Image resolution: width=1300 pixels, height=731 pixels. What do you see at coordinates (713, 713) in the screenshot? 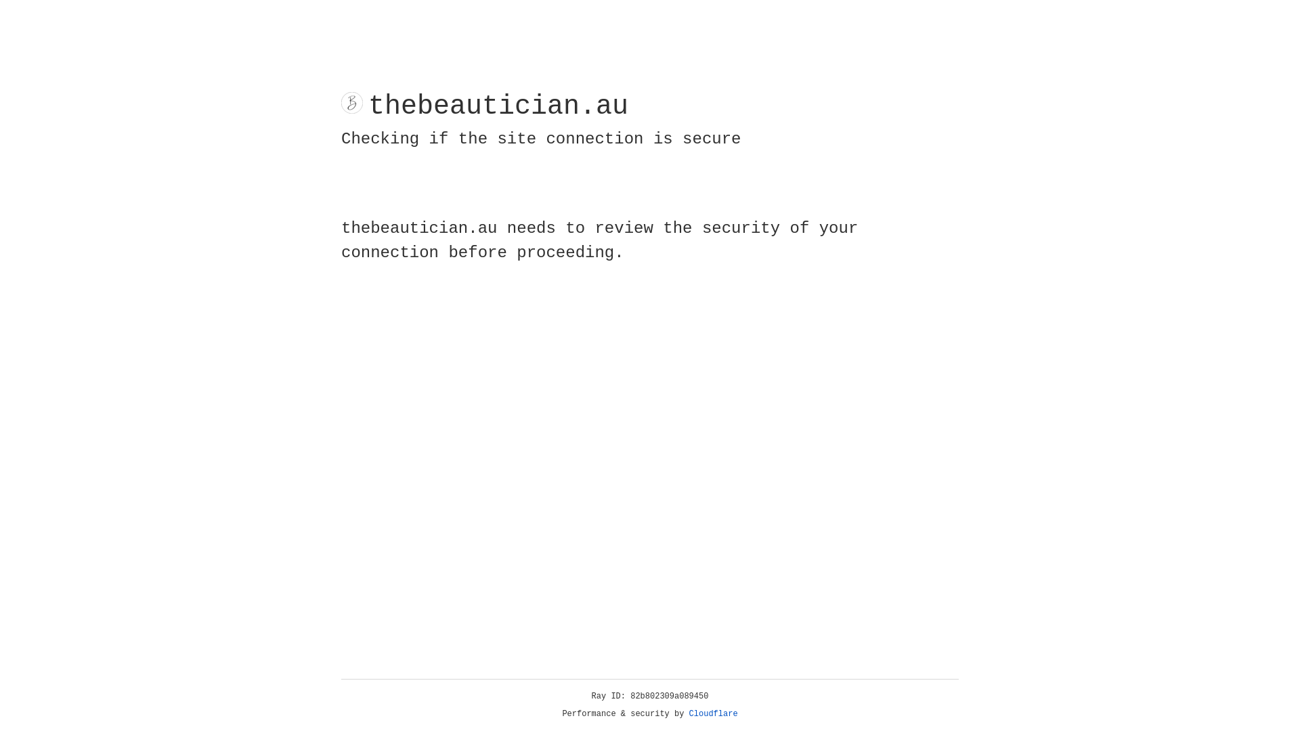
I see `'Cloudflare'` at bounding box center [713, 713].